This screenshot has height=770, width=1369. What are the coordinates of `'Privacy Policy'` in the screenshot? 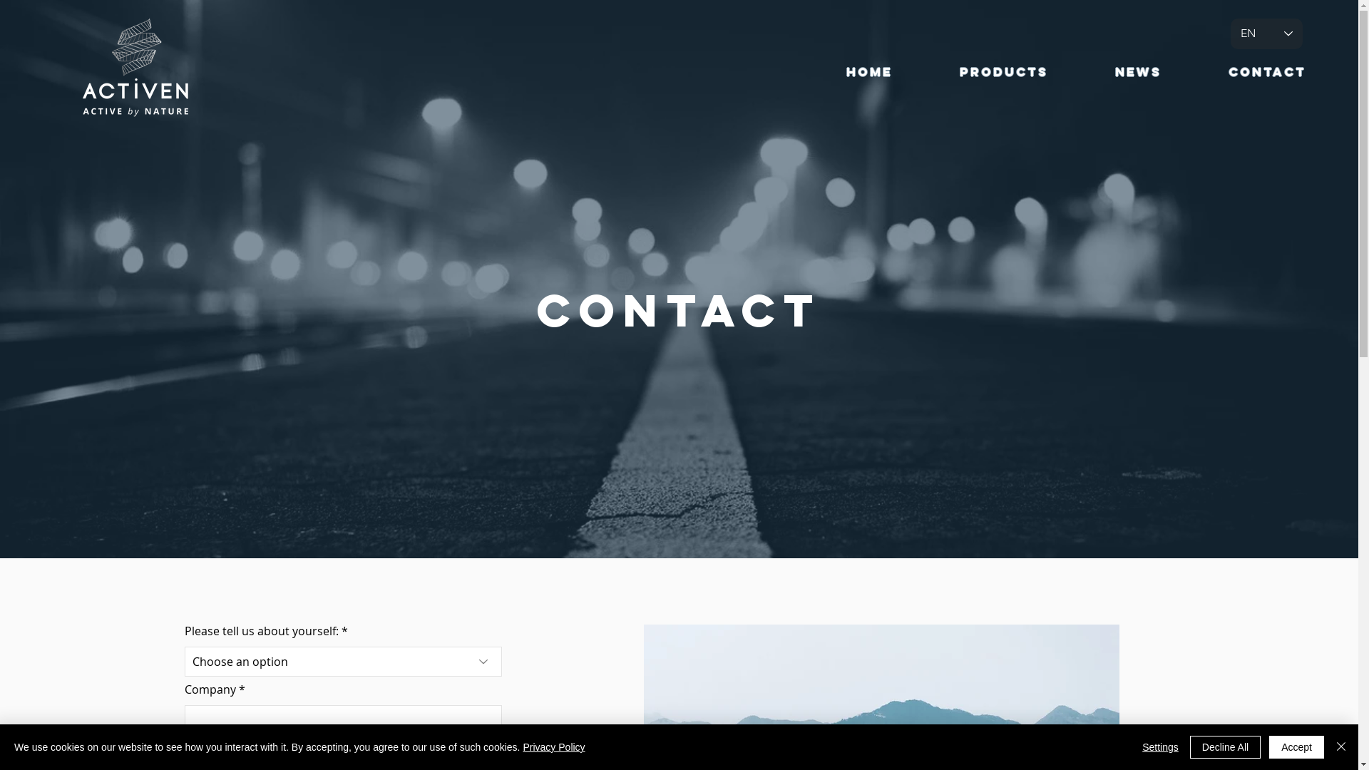 It's located at (553, 746).